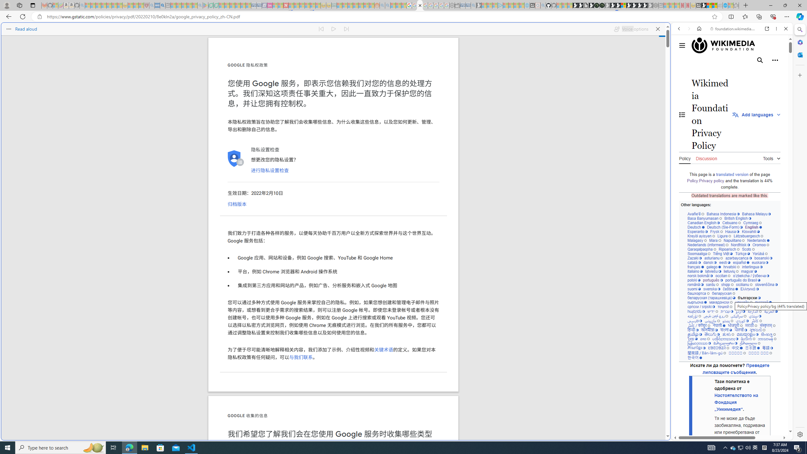 The width and height of the screenshot is (807, 454). Describe the element at coordinates (758, 240) in the screenshot. I see `'Nederlands'` at that location.